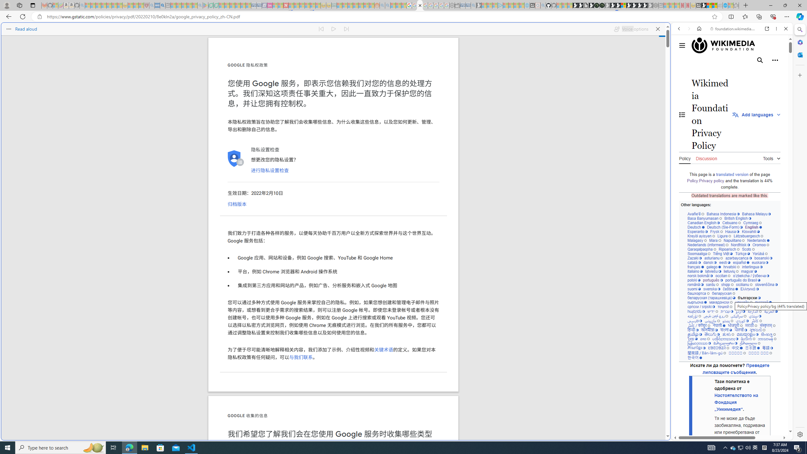 The width and height of the screenshot is (807, 454). Describe the element at coordinates (758, 240) in the screenshot. I see `'Nederlands'` at that location.